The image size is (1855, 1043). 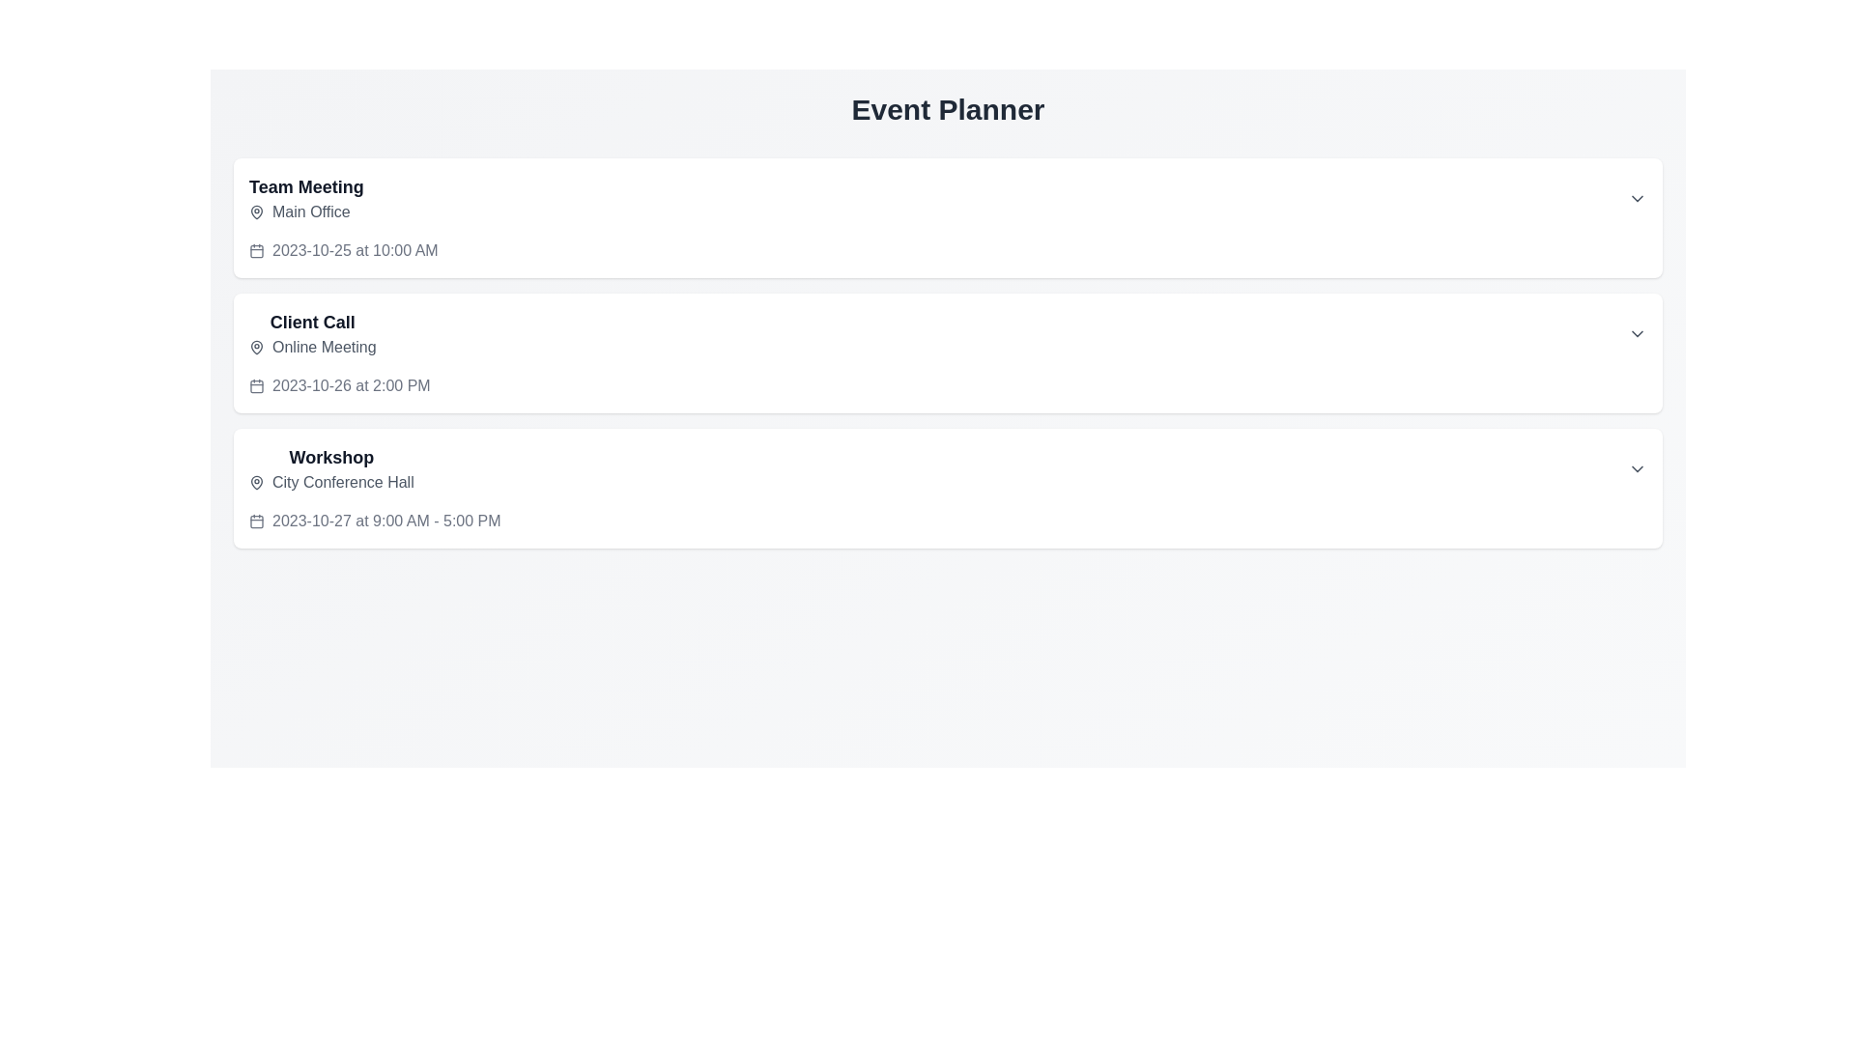 I want to click on the 'Workshop' title text display in the third event card under 'Event Planner', which is positioned above 'City Conference Hall', so click(x=331, y=458).